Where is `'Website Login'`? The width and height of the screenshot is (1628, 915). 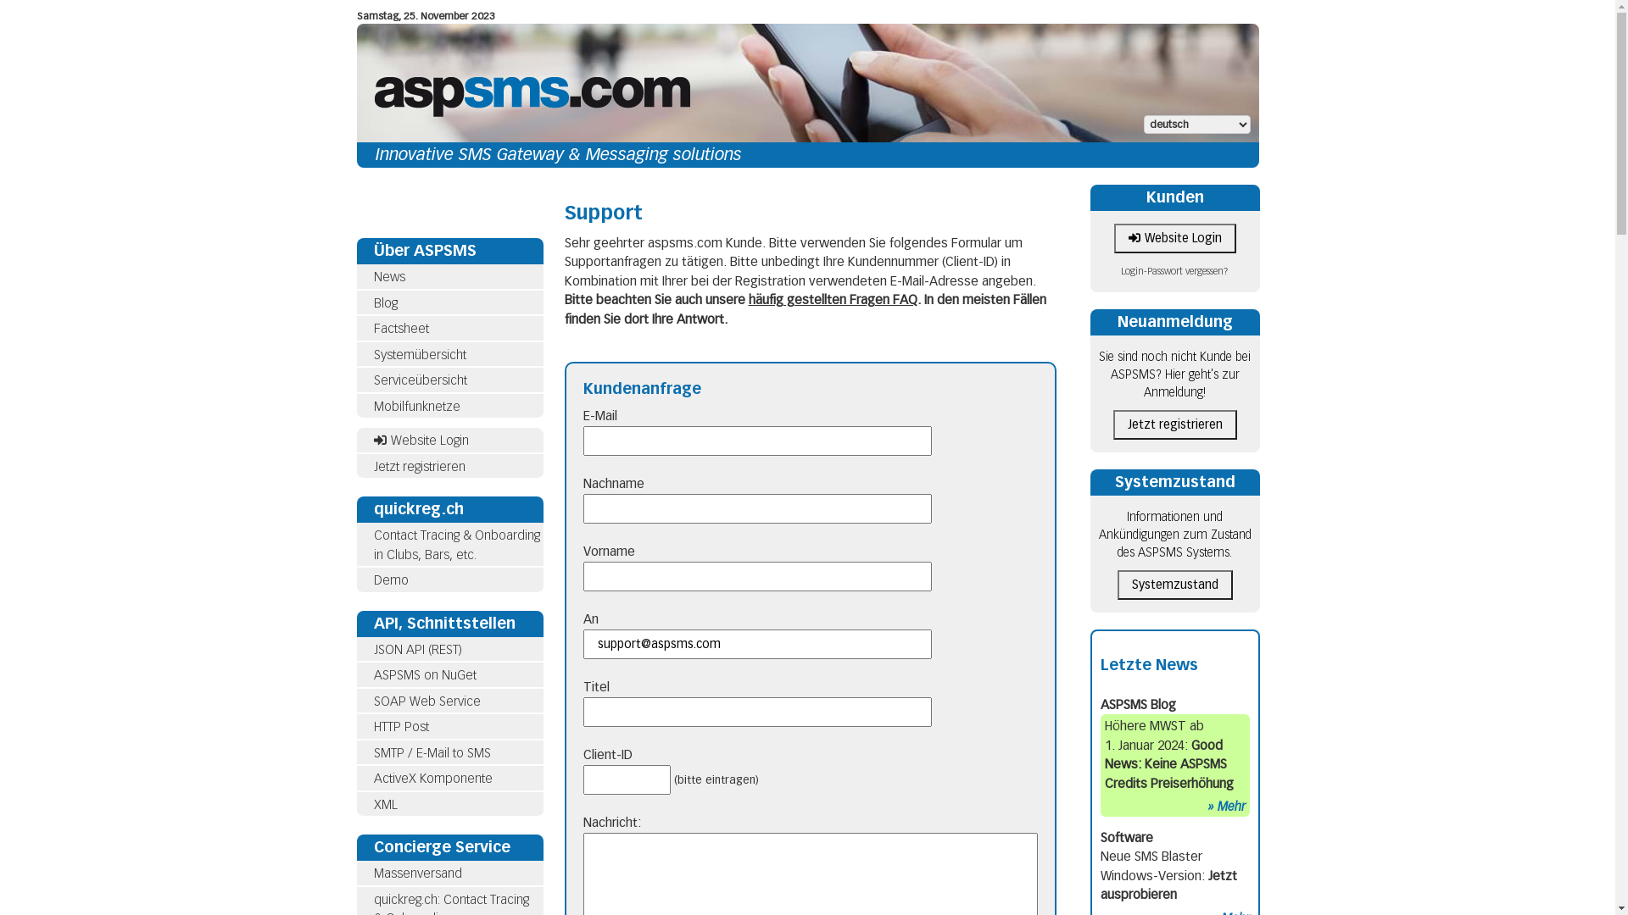 'Website Login' is located at coordinates (420, 440).